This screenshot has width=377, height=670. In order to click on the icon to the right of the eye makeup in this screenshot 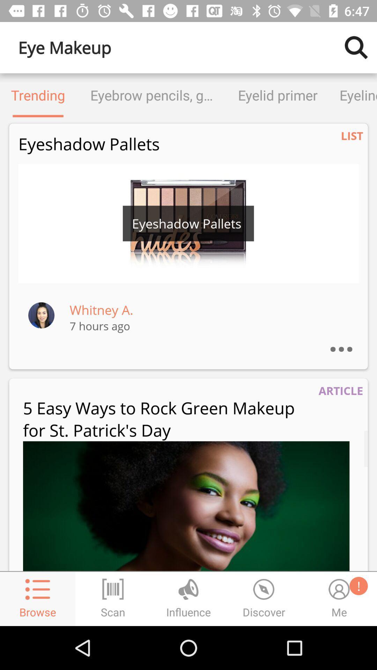, I will do `click(356, 47)`.